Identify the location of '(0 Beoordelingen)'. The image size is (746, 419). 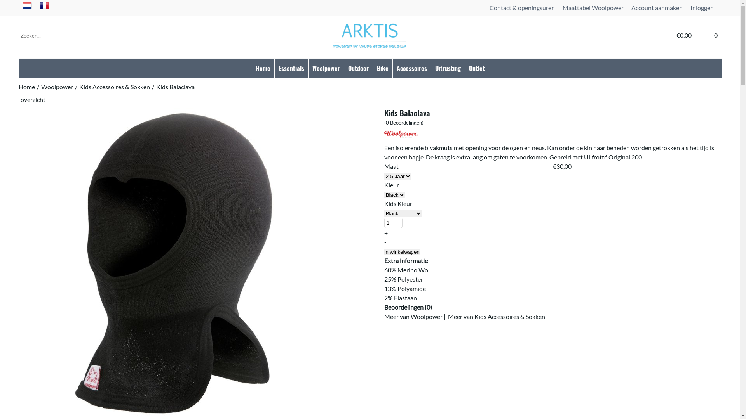
(404, 122).